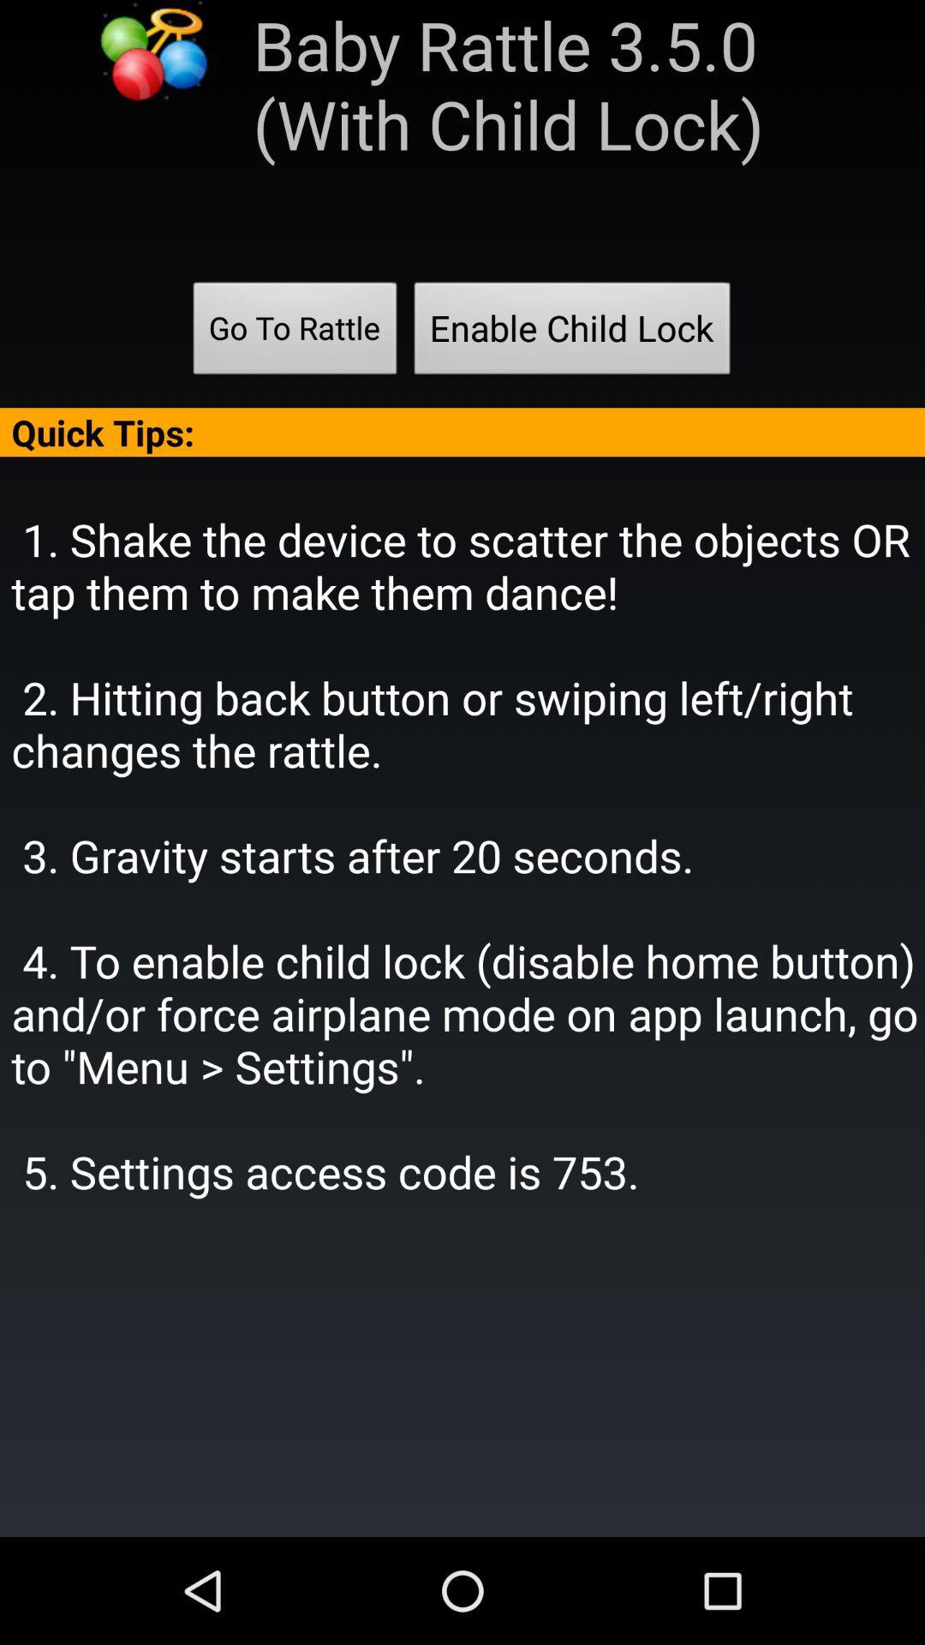 This screenshot has height=1645, width=925. Describe the element at coordinates (294, 333) in the screenshot. I see `the item next to the enable child lock icon` at that location.